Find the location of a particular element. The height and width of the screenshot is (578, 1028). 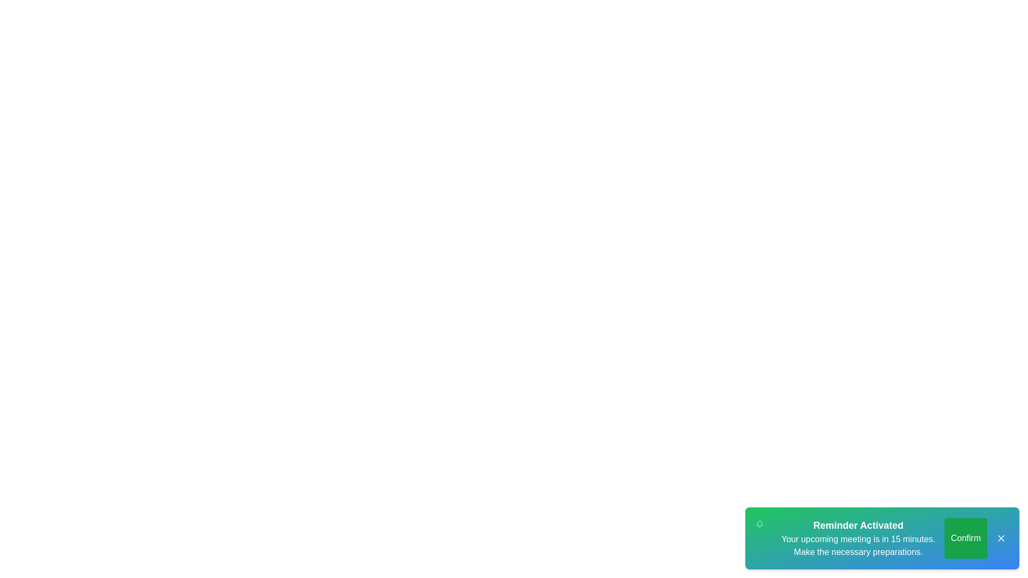

the bell icon to interact with its functionality is located at coordinates (759, 523).